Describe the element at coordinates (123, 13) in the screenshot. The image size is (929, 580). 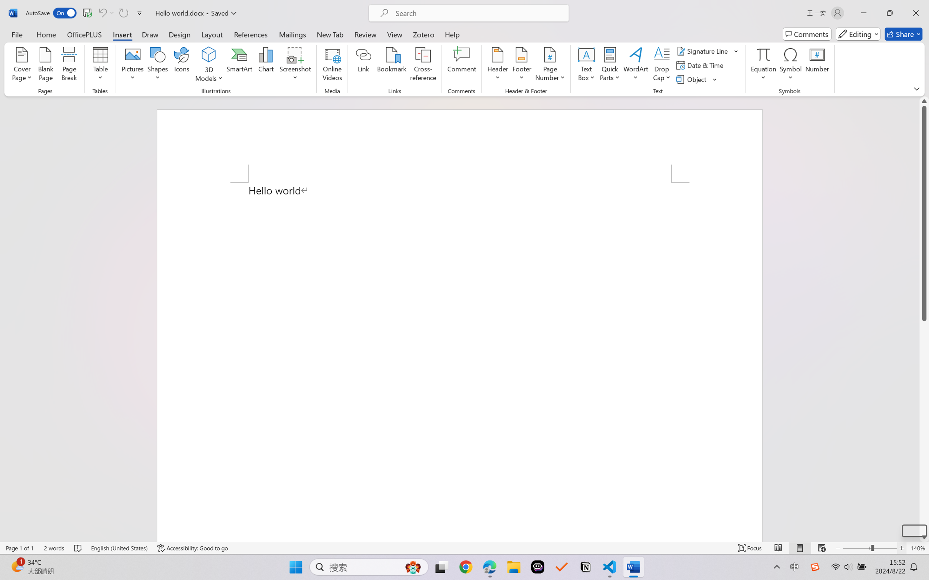
I see `'Can'` at that location.